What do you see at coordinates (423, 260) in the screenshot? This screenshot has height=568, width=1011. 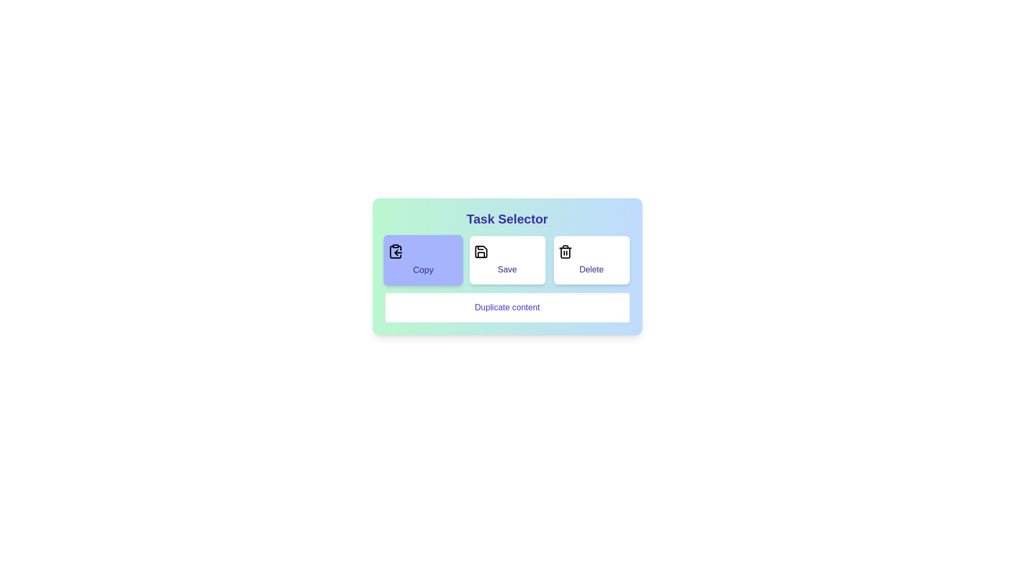 I see `the Copy button to select it` at bounding box center [423, 260].